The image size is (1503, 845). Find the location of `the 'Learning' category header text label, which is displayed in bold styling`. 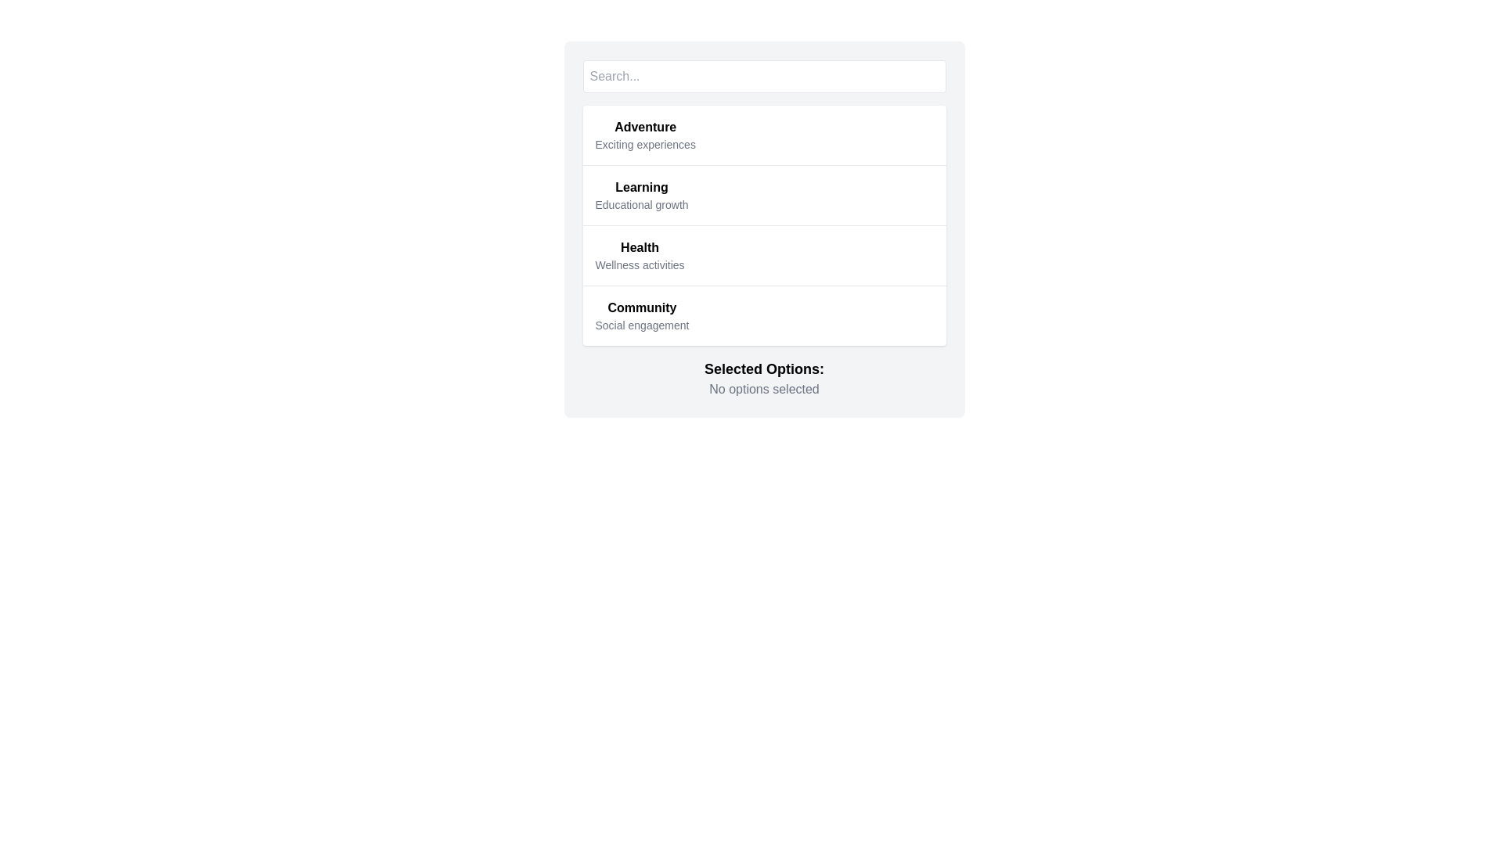

the 'Learning' category header text label, which is displayed in bold styling is located at coordinates (642, 186).